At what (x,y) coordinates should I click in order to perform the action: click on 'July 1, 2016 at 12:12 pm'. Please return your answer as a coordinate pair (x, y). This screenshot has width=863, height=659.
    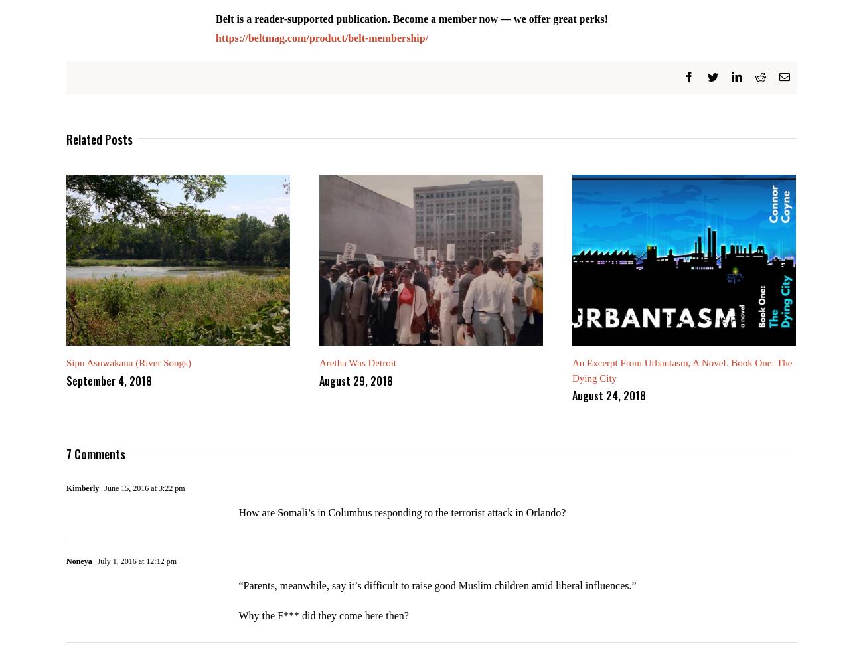
    Looking at the image, I should click on (135, 570).